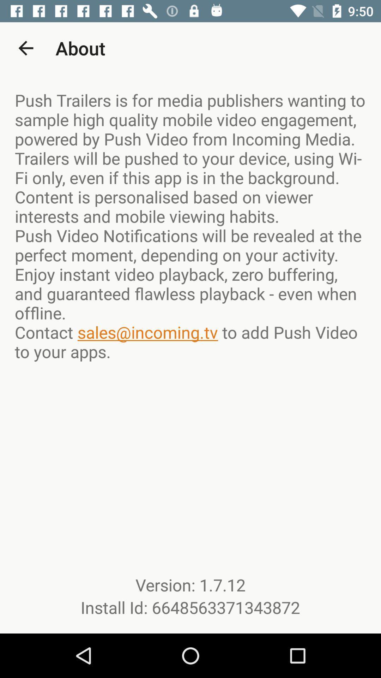  Describe the element at coordinates (25, 48) in the screenshot. I see `the app to the left of about item` at that location.